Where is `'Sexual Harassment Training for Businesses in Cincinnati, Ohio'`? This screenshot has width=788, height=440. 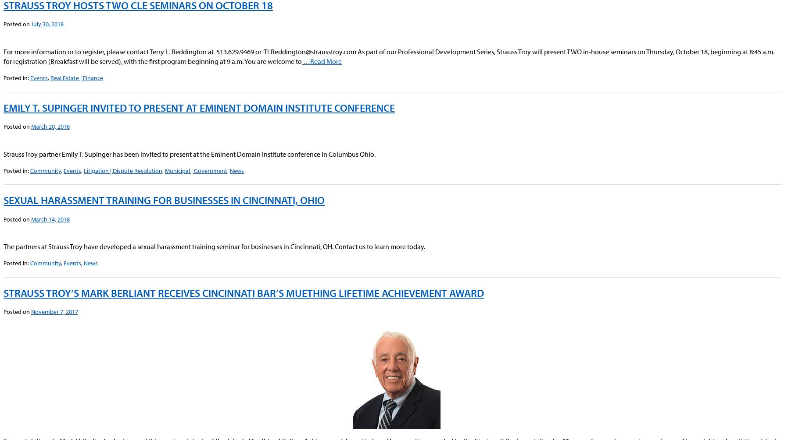 'Sexual Harassment Training for Businesses in Cincinnati, Ohio' is located at coordinates (164, 200).